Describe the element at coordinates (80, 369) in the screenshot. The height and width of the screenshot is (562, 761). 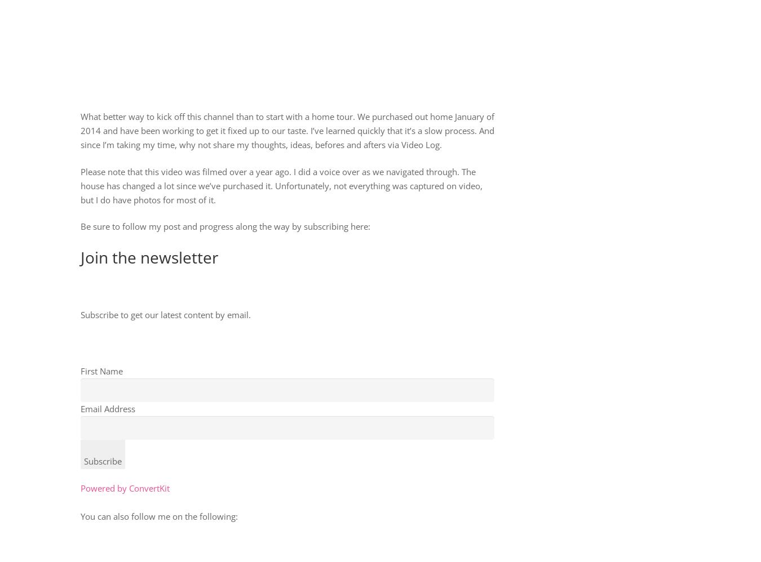
I see `'First Name'` at that location.